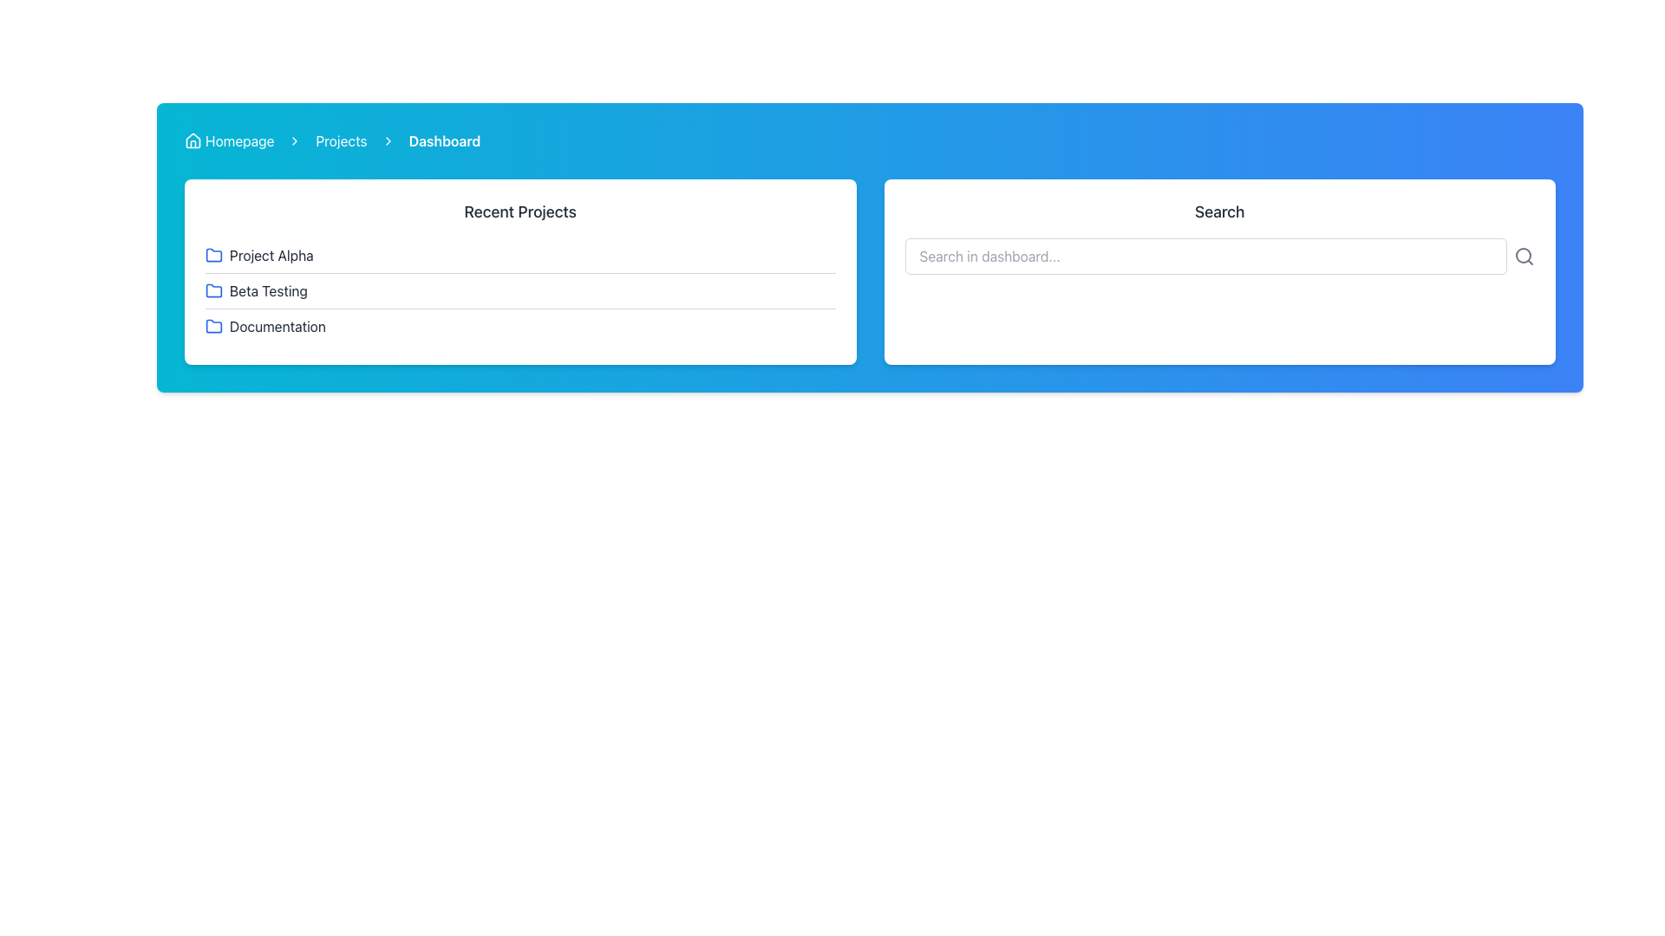  I want to click on the interactive text link labeled 'Projects' located in the breadcrumb navigation between 'Homepage' and 'Dashboard', so click(341, 140).